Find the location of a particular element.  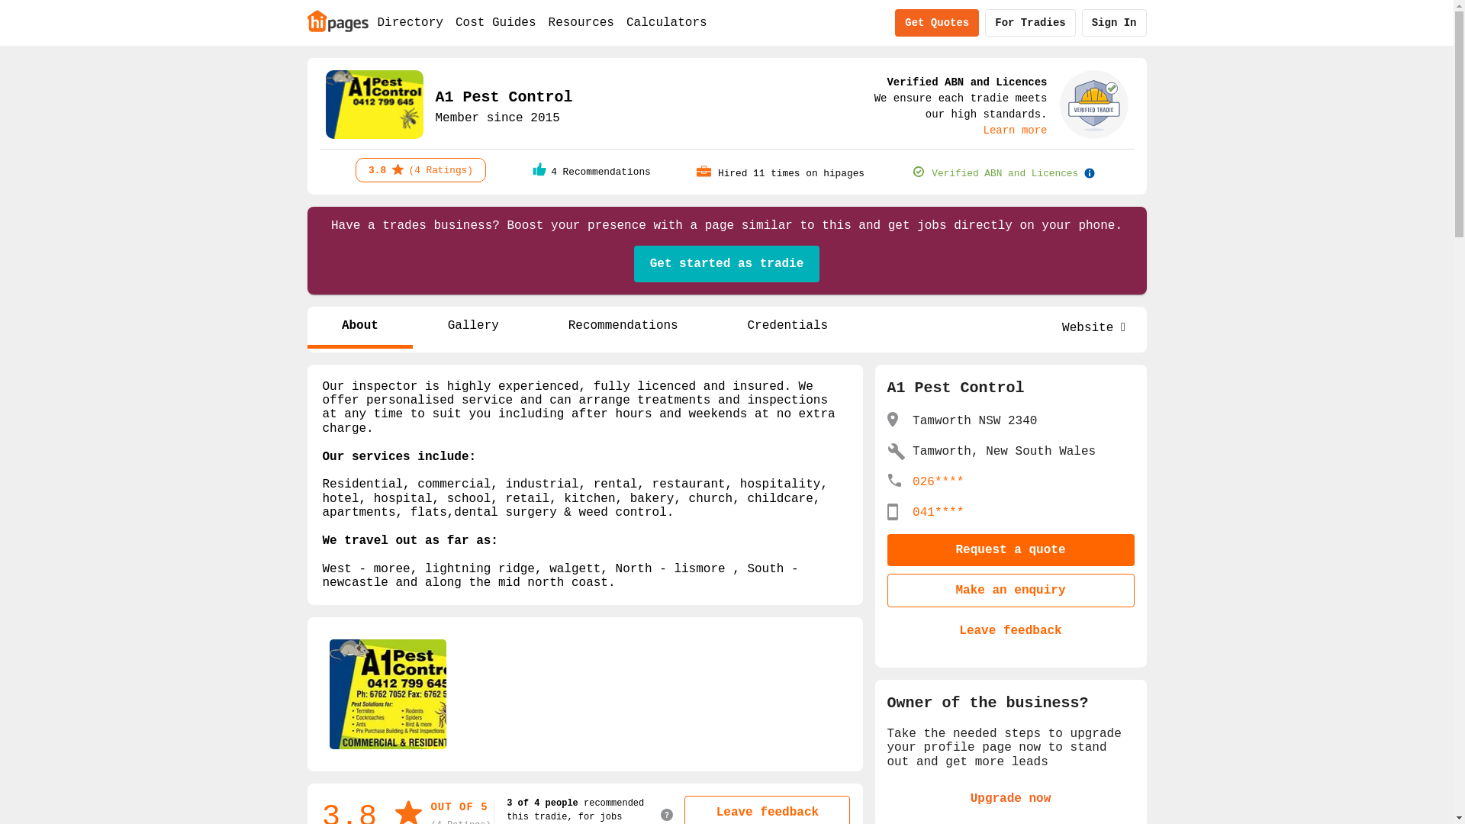

'Upgrade now' is located at coordinates (1010, 797).